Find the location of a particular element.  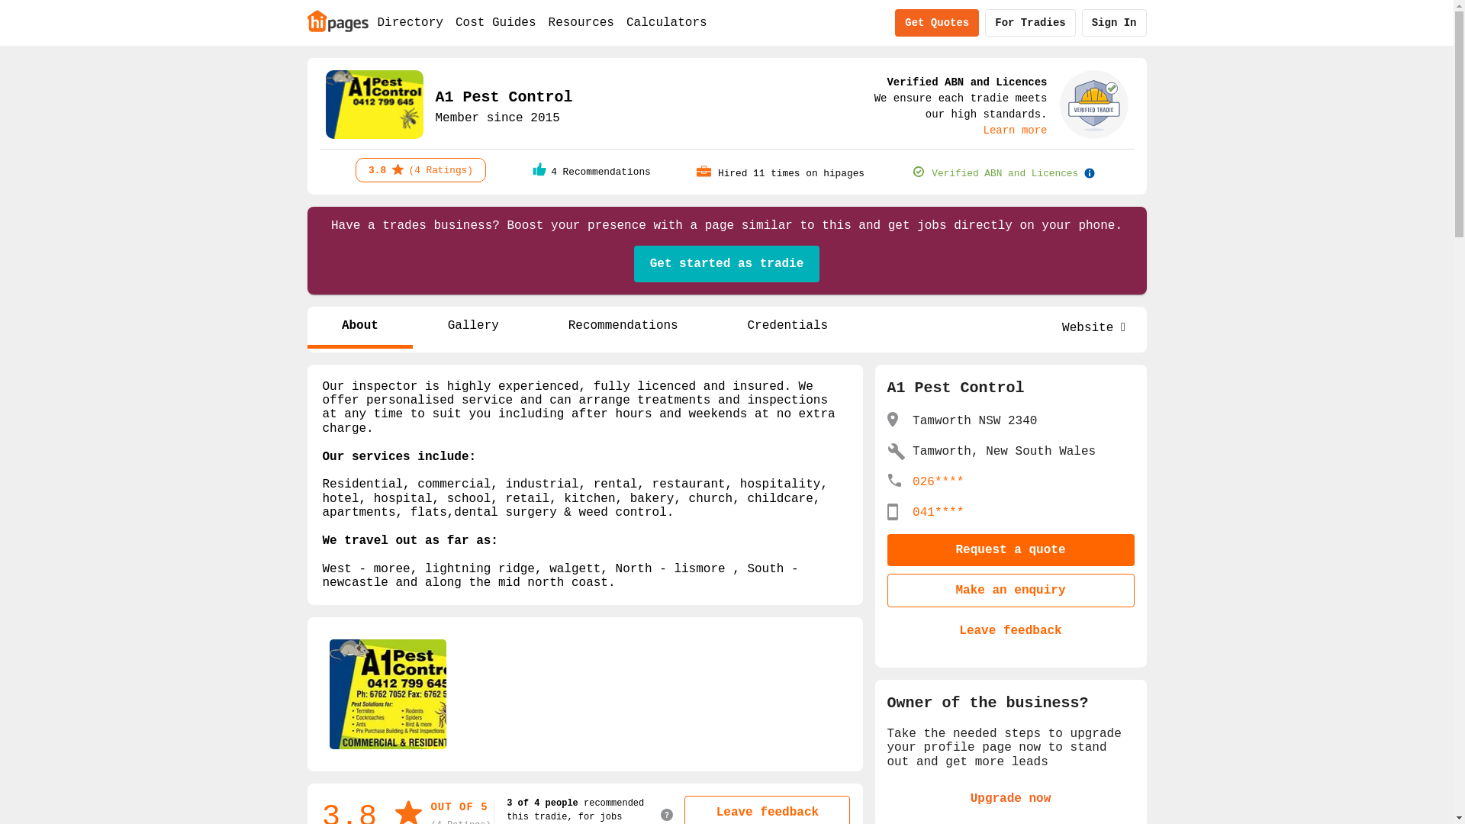

'Upgrade now' is located at coordinates (1010, 797).